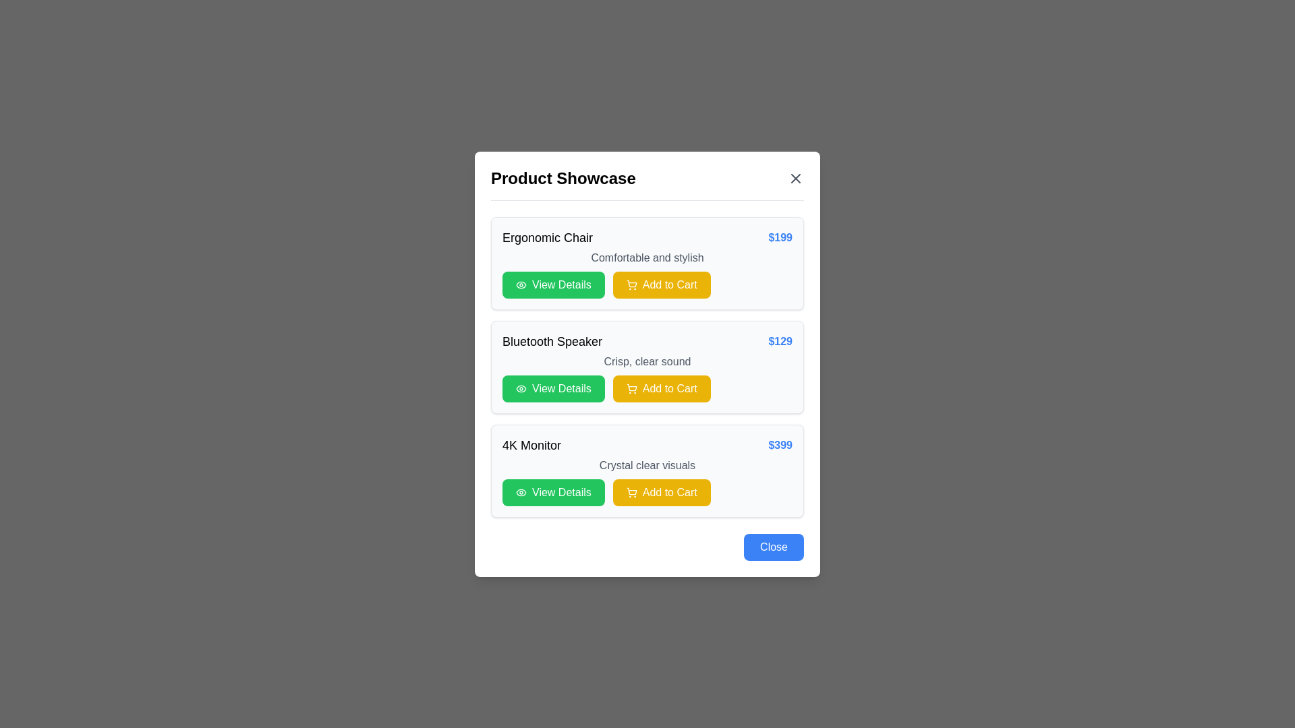 This screenshot has width=1295, height=728. Describe the element at coordinates (631, 492) in the screenshot. I see `the 'Add to Cart' icon for the 'Bluetooth Speaker' product` at that location.